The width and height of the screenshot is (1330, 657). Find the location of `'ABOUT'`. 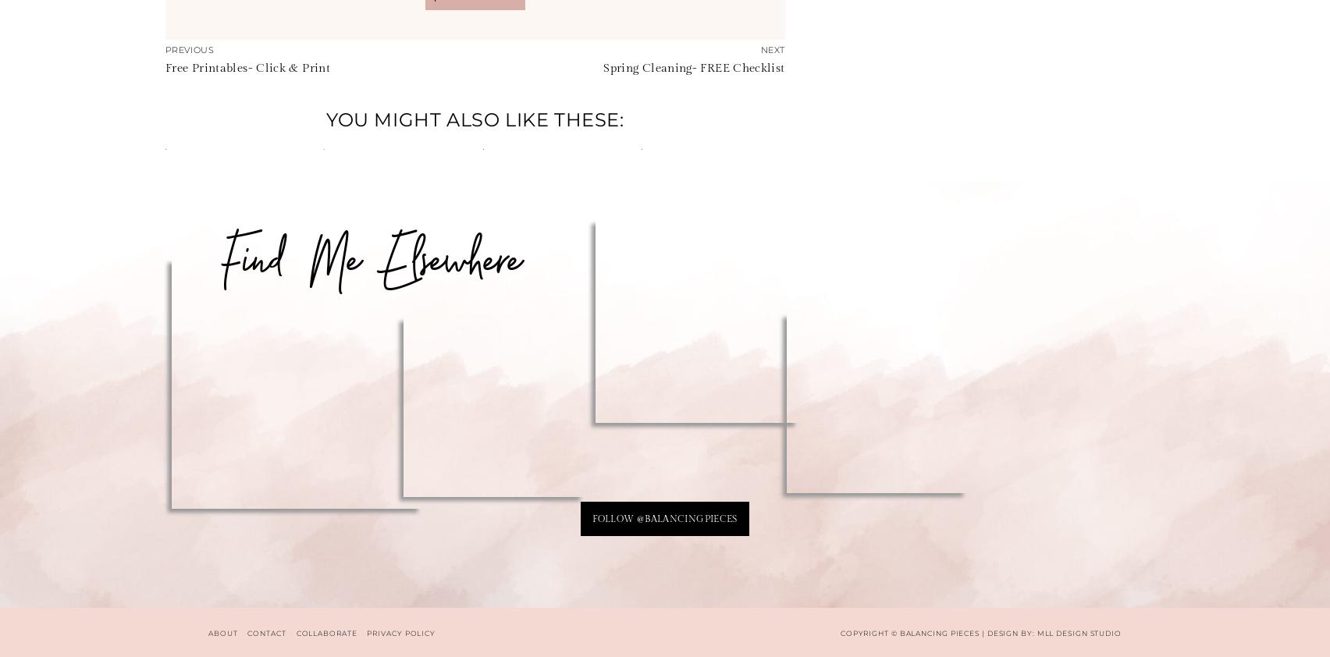

'ABOUT' is located at coordinates (222, 632).